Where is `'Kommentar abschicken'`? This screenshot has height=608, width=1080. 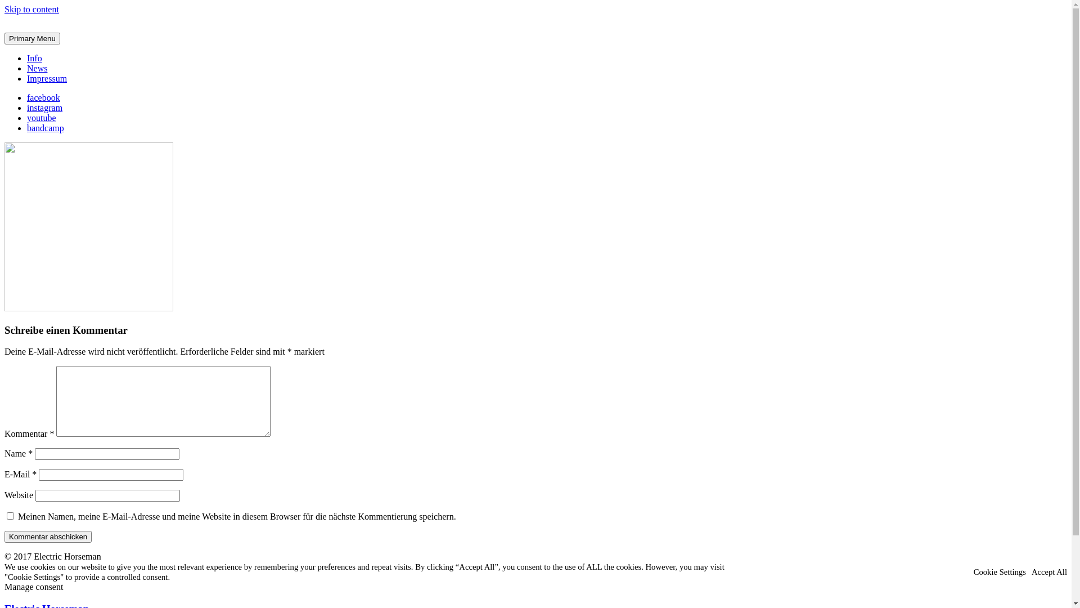 'Kommentar abschicken' is located at coordinates (47, 536).